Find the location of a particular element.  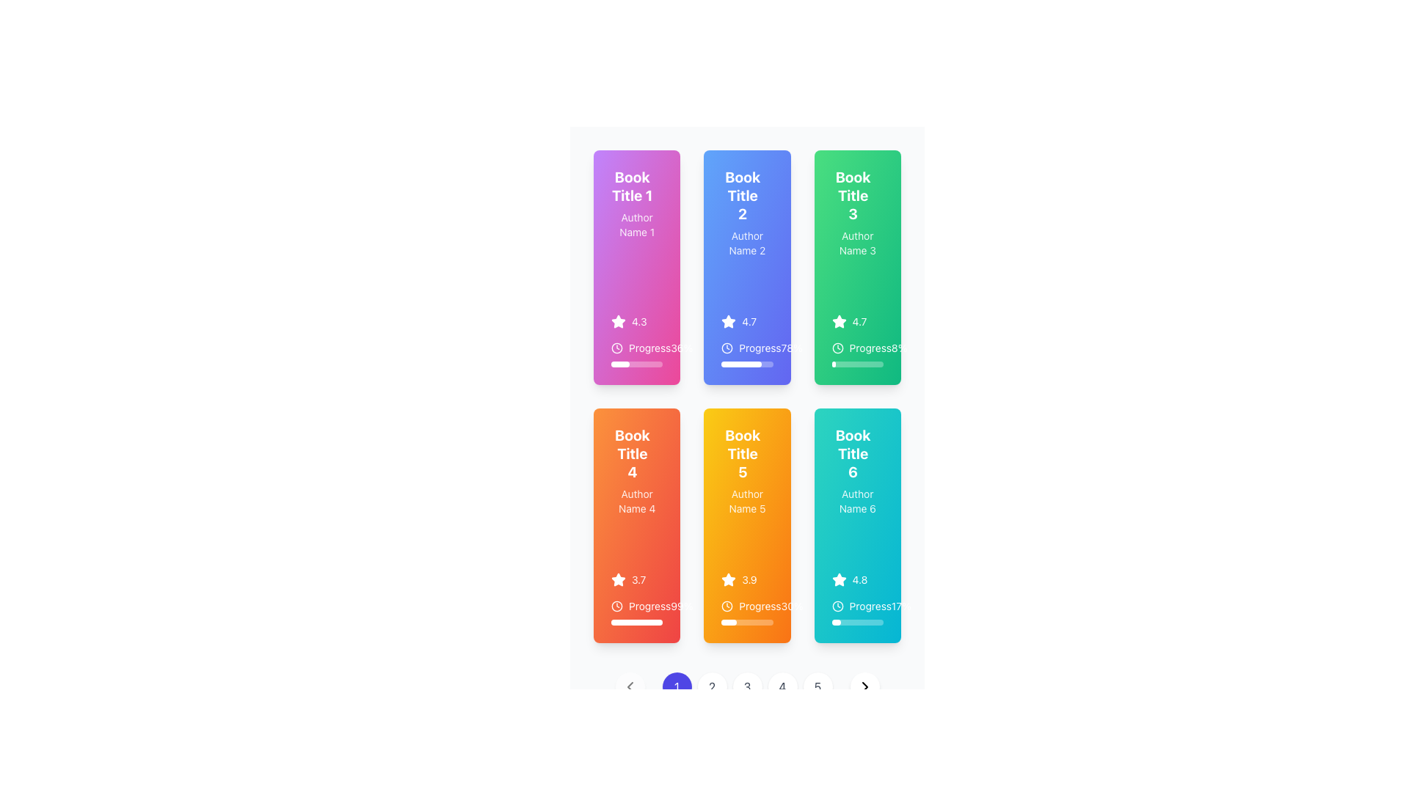

the text label displaying 'Book Title 1' which is located at the top of the first card in the grid interface to trigger any hover behavior is located at coordinates (637, 188).